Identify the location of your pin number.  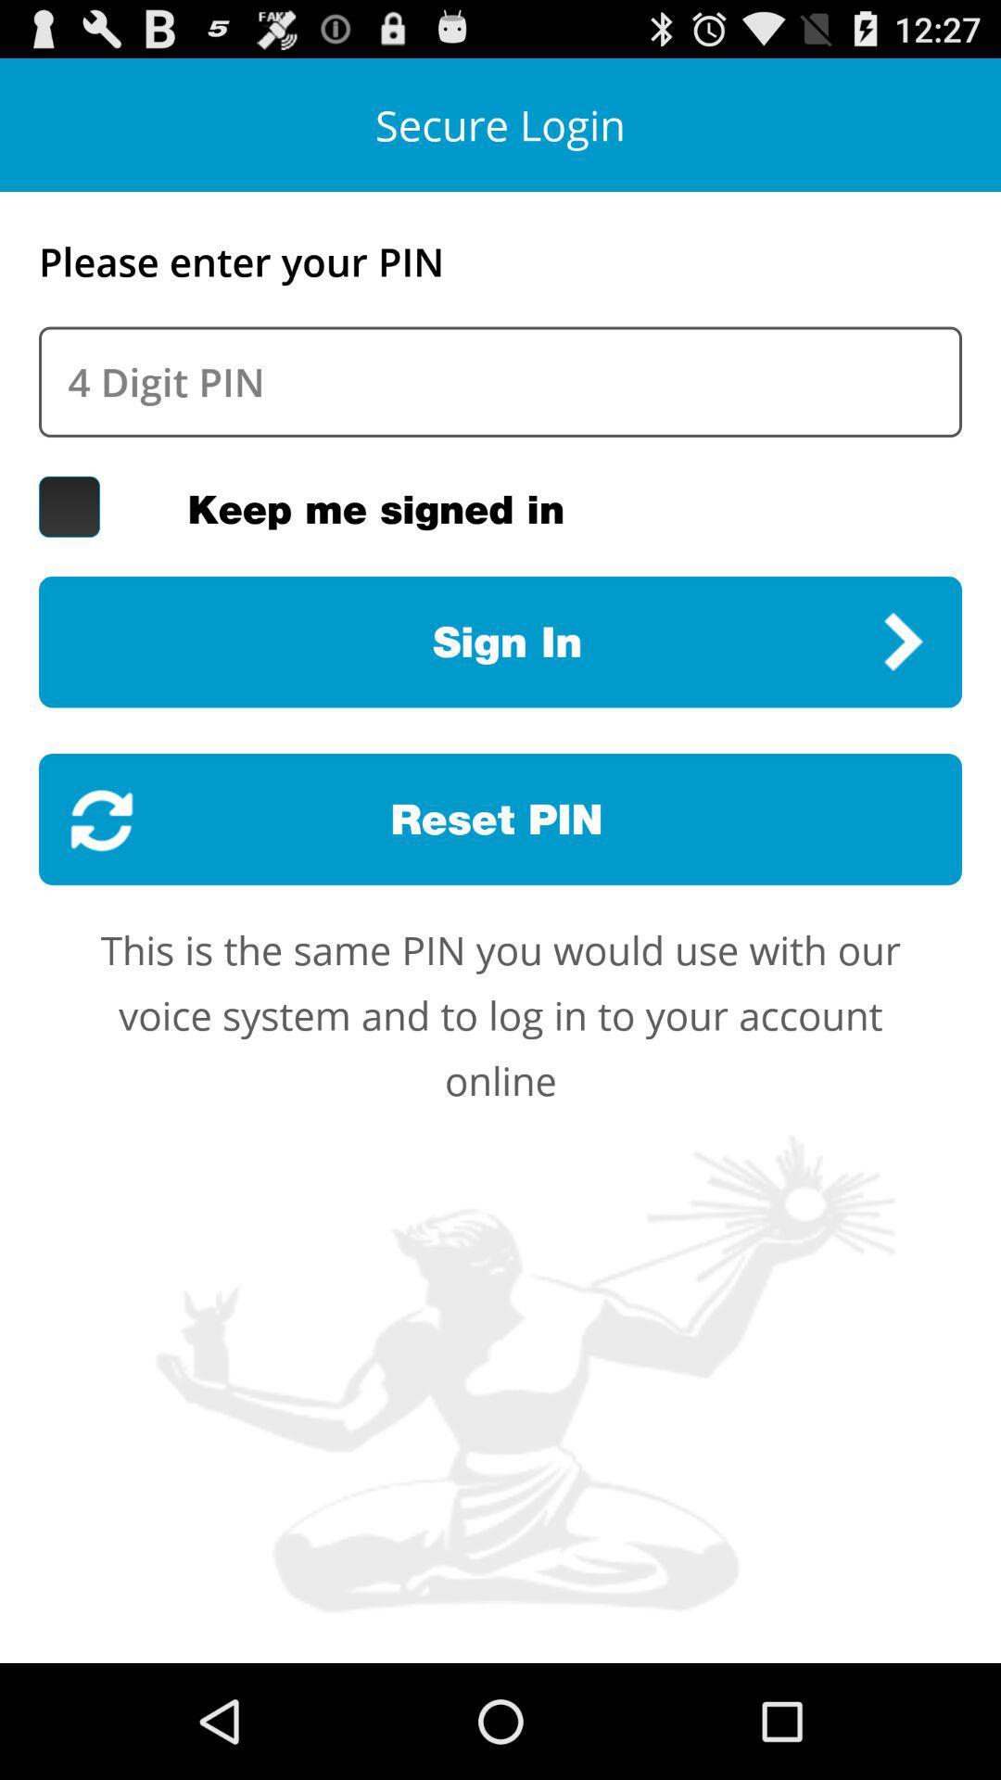
(500, 381).